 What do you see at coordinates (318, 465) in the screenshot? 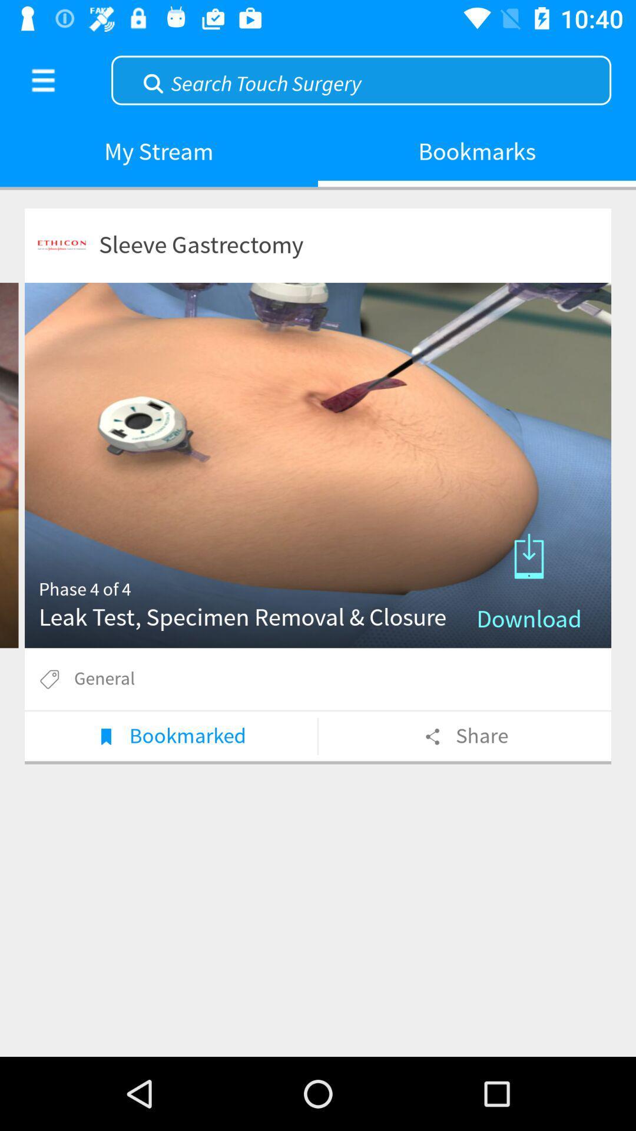
I see `download` at bounding box center [318, 465].